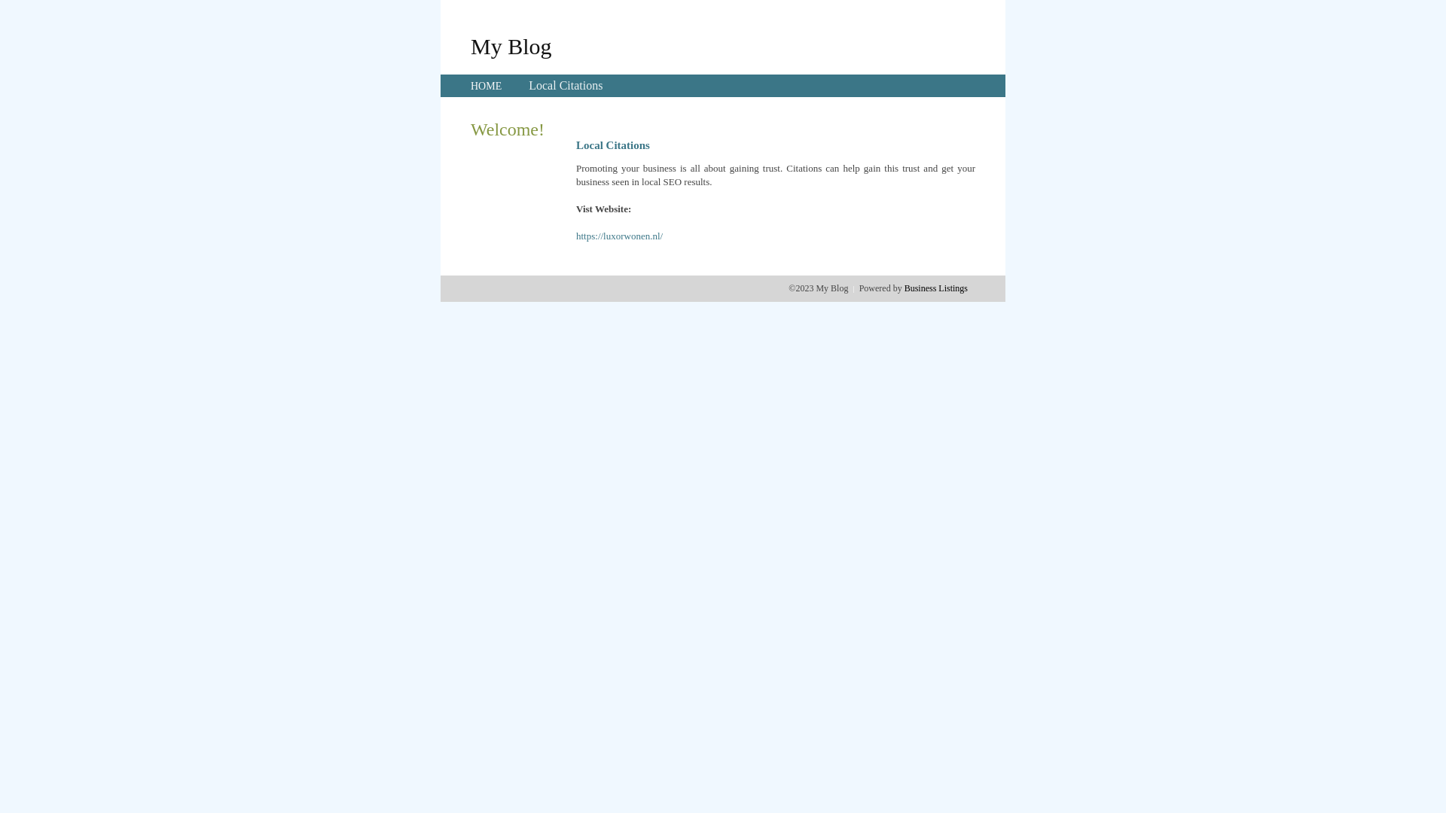  What do you see at coordinates (564, 85) in the screenshot?
I see `'Local Citations'` at bounding box center [564, 85].